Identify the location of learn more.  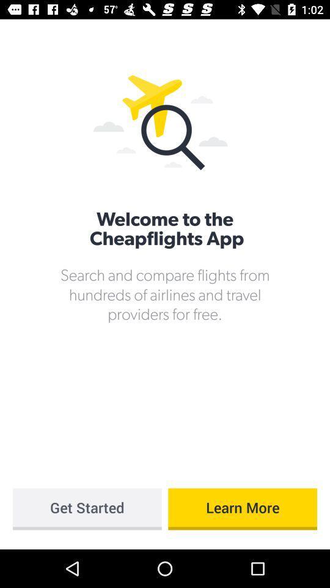
(243, 509).